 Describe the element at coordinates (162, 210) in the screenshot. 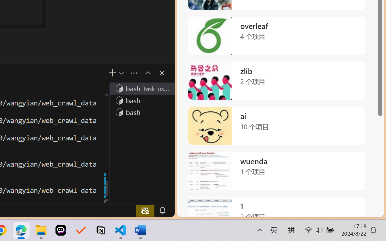

I see `'Notifications'` at that location.